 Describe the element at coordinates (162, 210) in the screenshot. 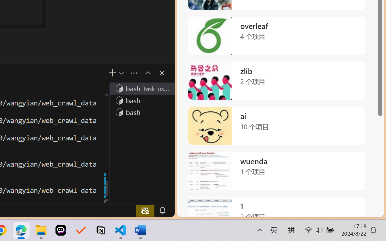

I see `'Notifications'` at that location.